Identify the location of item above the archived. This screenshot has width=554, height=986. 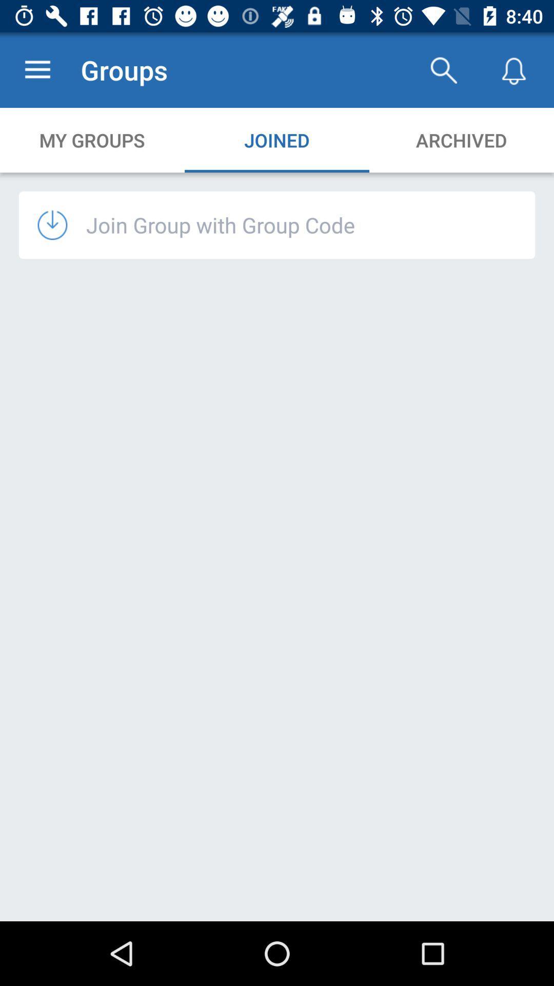
(443, 69).